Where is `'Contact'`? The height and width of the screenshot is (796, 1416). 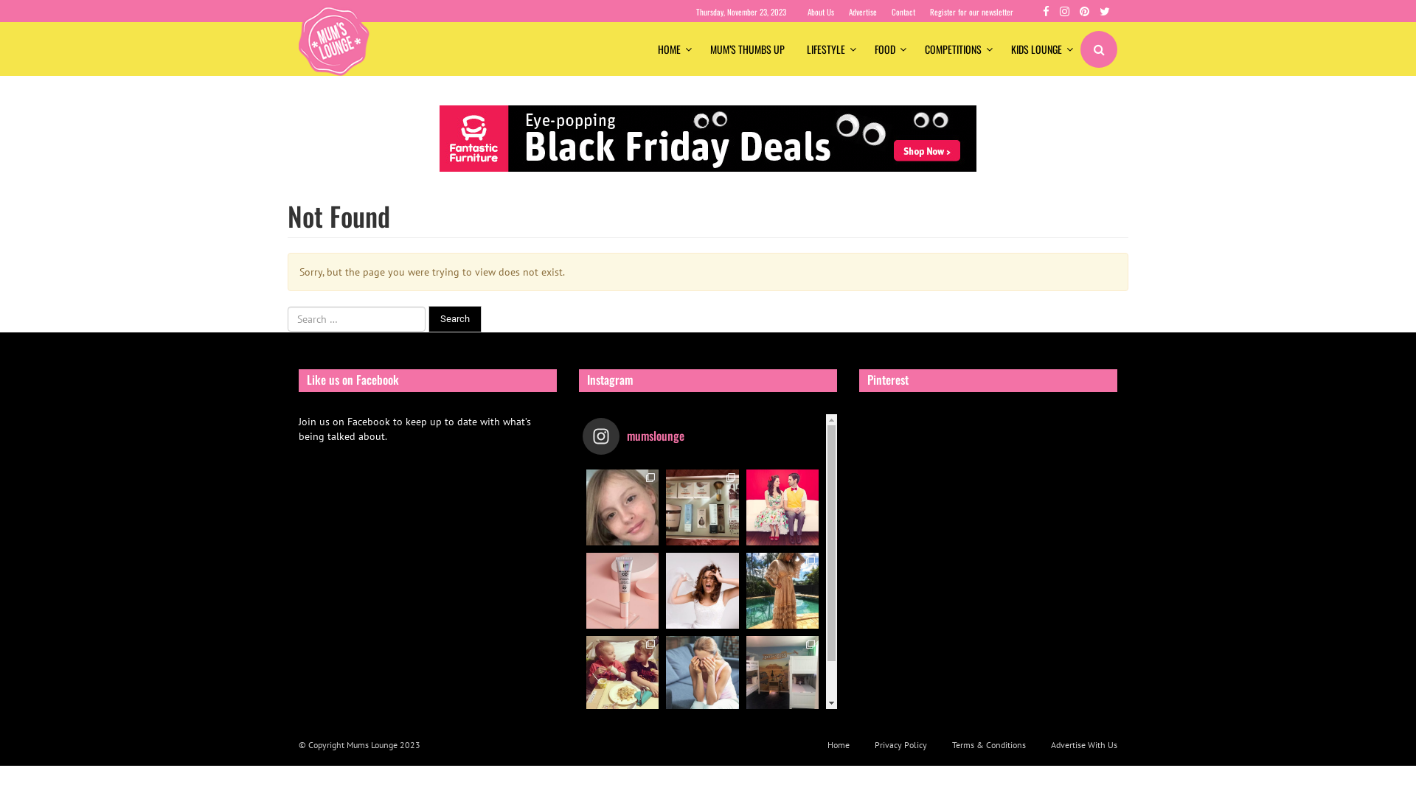 'Contact' is located at coordinates (902, 11).